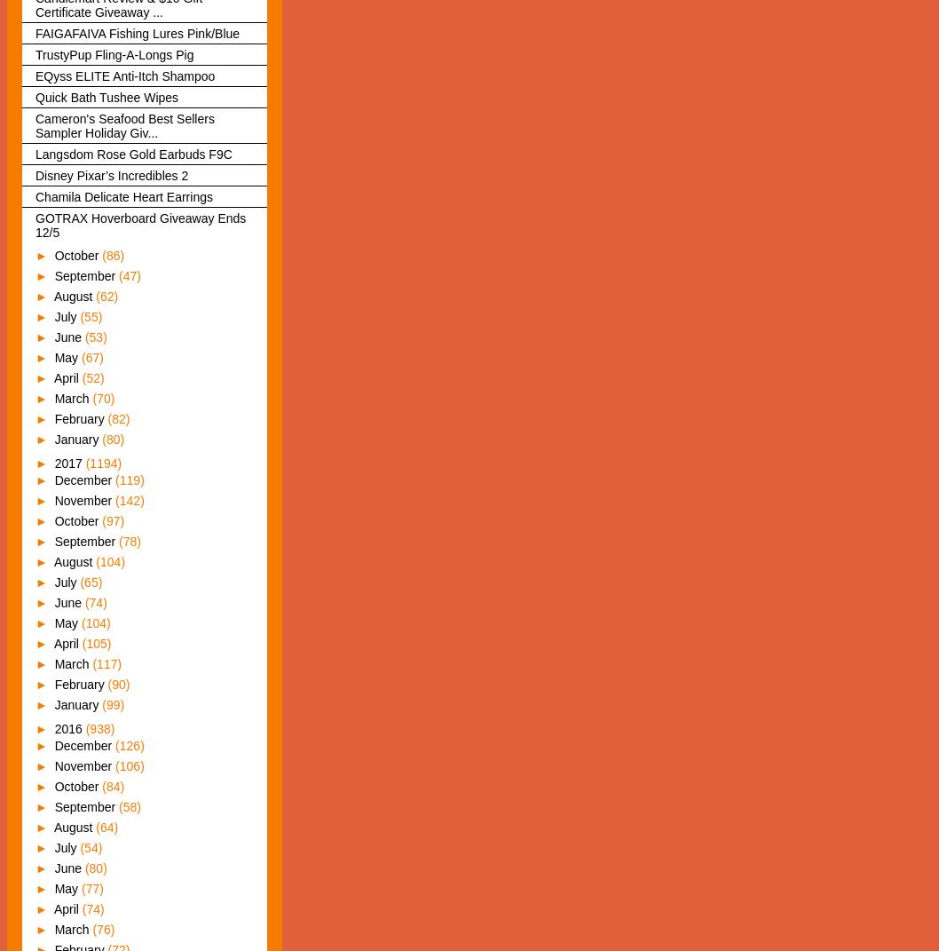 The height and width of the screenshot is (951, 939). What do you see at coordinates (112, 704) in the screenshot?
I see `'(99)'` at bounding box center [112, 704].